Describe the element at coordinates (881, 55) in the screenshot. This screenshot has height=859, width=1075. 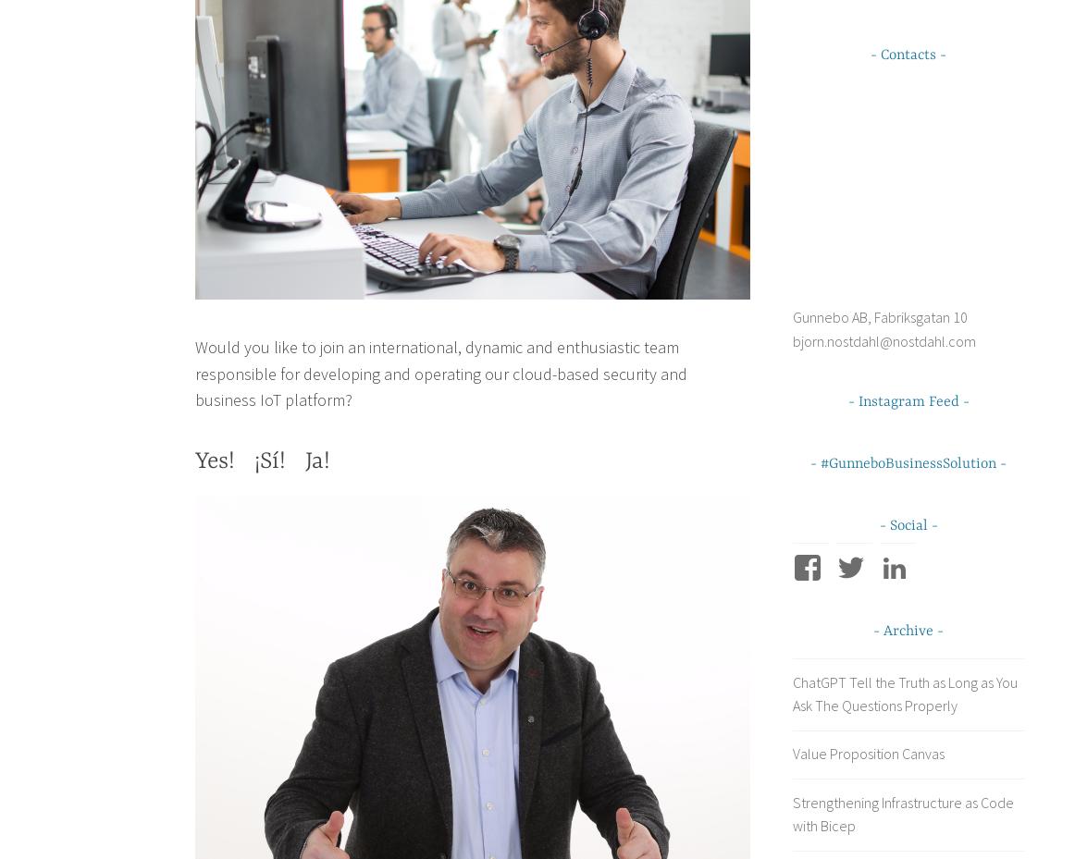
I see `'Contacts'` at that location.